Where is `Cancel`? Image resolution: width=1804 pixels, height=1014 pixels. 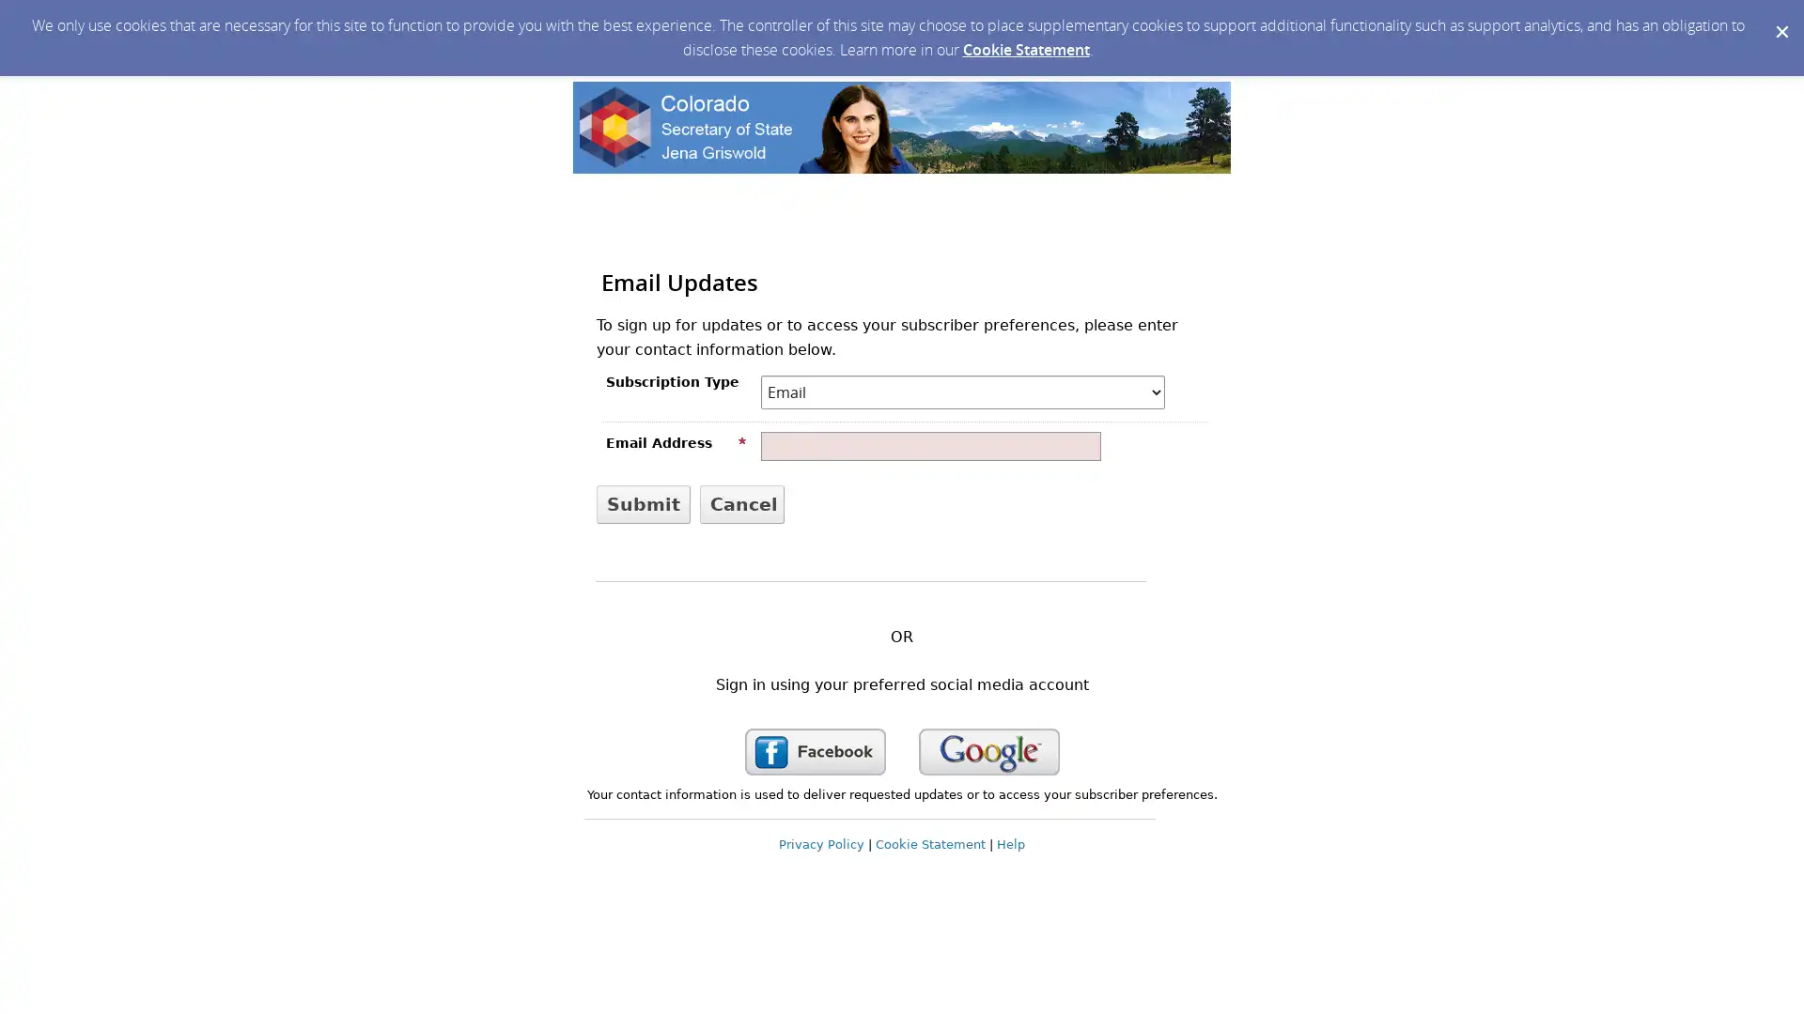
Cancel is located at coordinates (741, 502).